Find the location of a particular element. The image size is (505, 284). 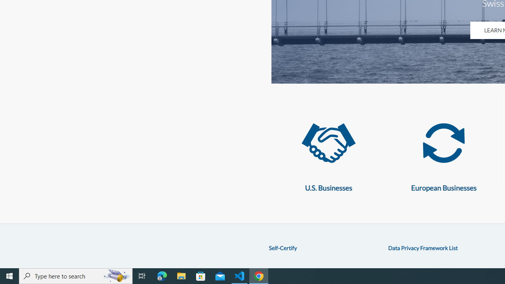

'European Businesses European Businesses' is located at coordinates (444, 153).